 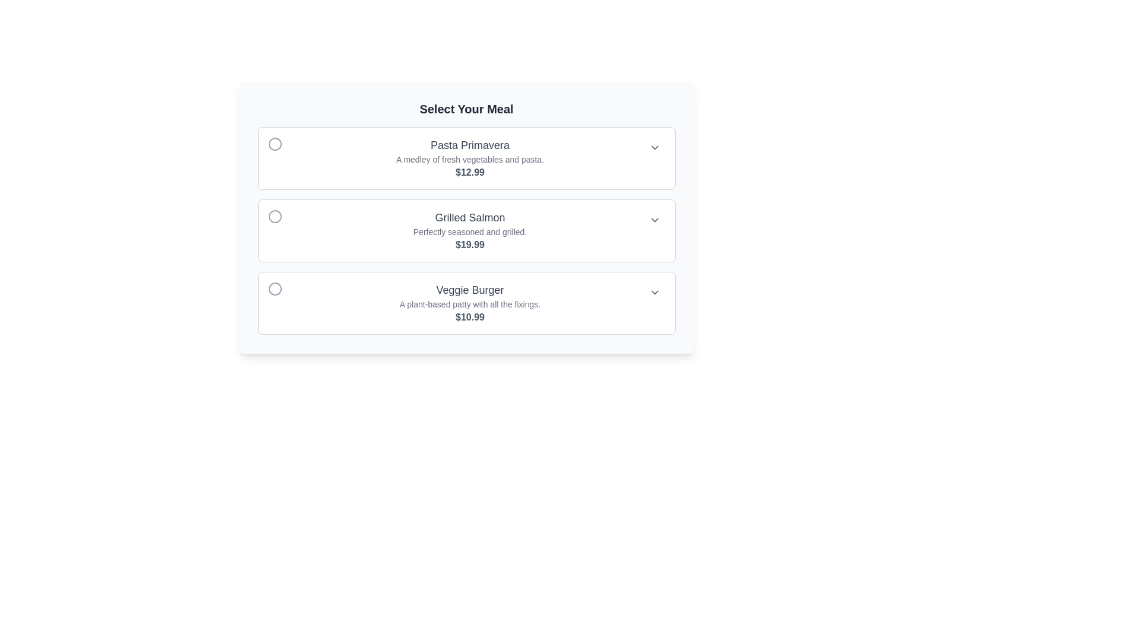 What do you see at coordinates (469, 302) in the screenshot?
I see `the 'Veggie Burger' menu item, which includes a title, subtext, and price, positioned in the third spot of the meal options list` at bounding box center [469, 302].